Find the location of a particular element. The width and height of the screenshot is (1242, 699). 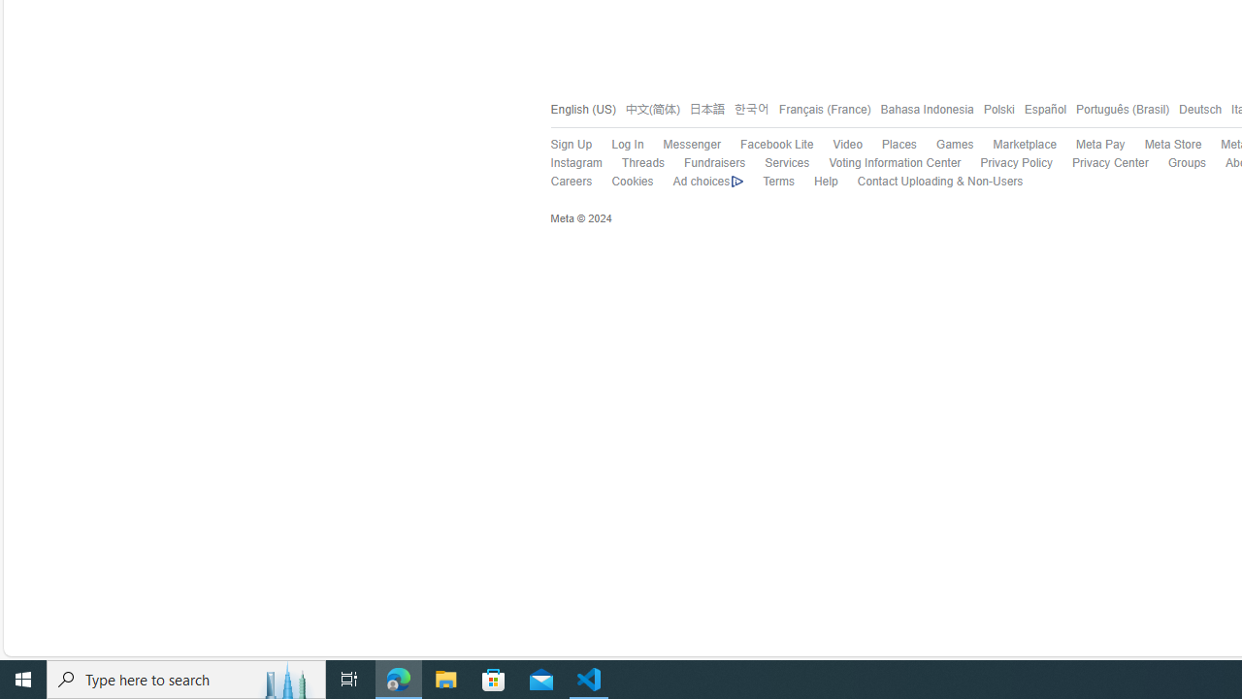

'Threads' is located at coordinates (633, 163).